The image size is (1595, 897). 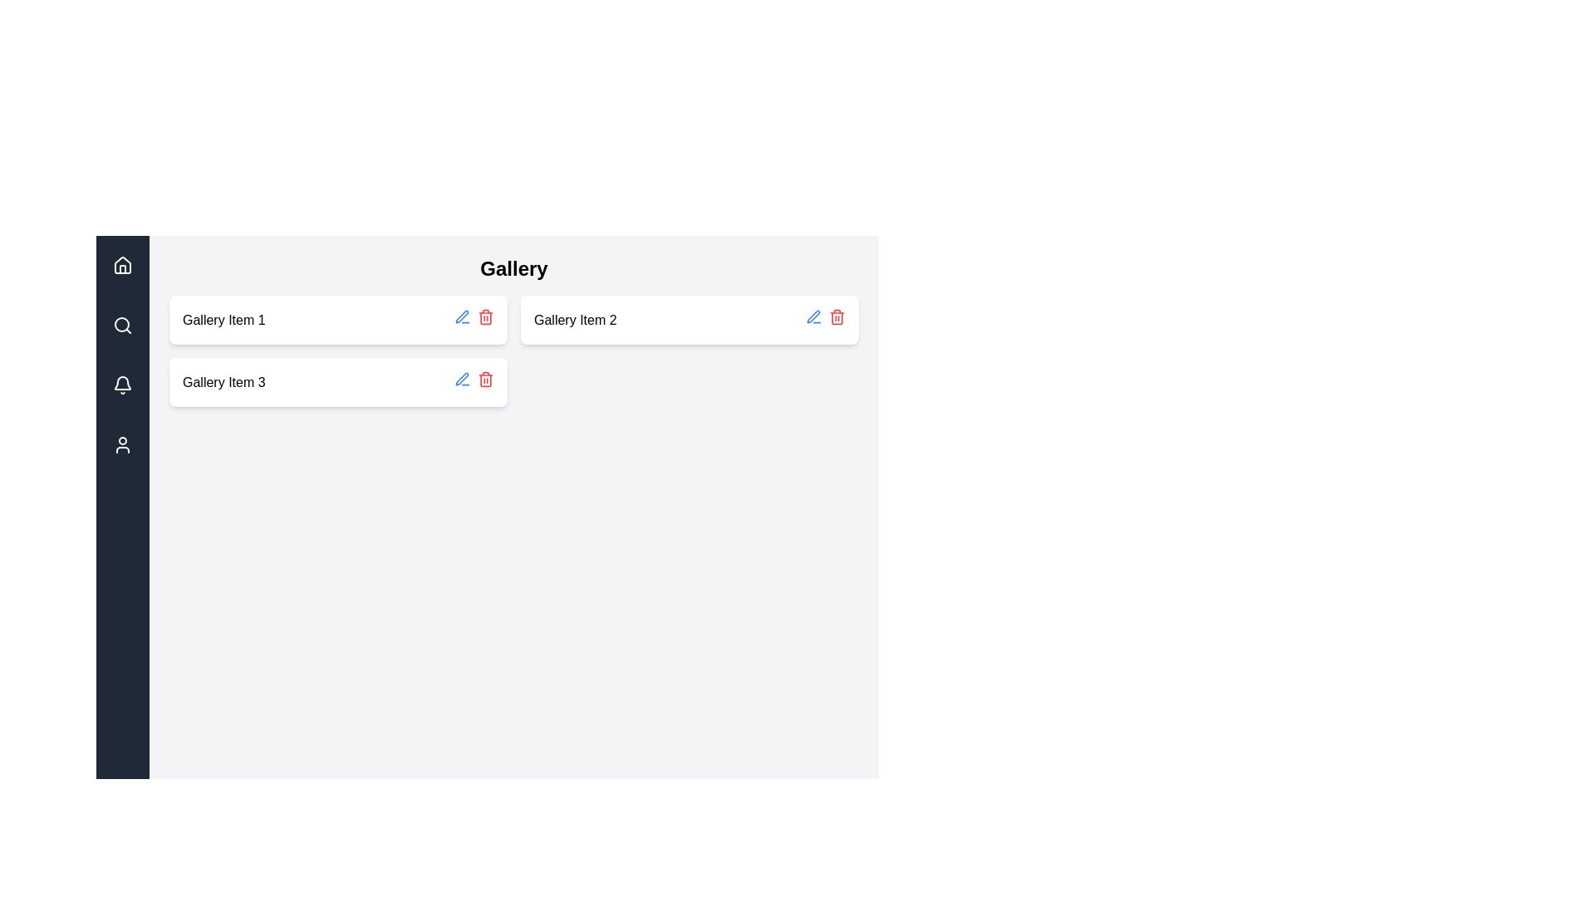 I want to click on the text label displaying 'Gallery Item 2', which is styled in a clean sans-serif font and located in the upper-right section of the second card in a vertical list of three cards, so click(x=575, y=320).